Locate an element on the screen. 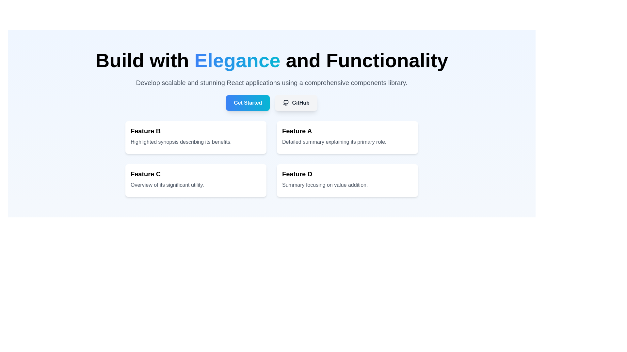 The height and width of the screenshot is (352, 627). static text content positioned below the main header 'Build with Elegance and Functionality', which summarizes the functionality and benefits of the platform is located at coordinates (271, 82).